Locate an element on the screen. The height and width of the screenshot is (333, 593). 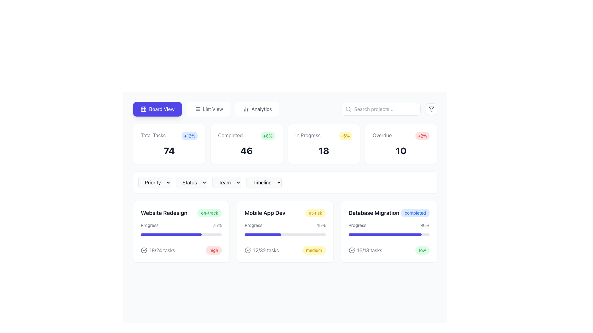
the text label reading 'Analytics' located within the button in the horizontal navigation strip, positioned to the right of a bar chart icon is located at coordinates (262, 109).